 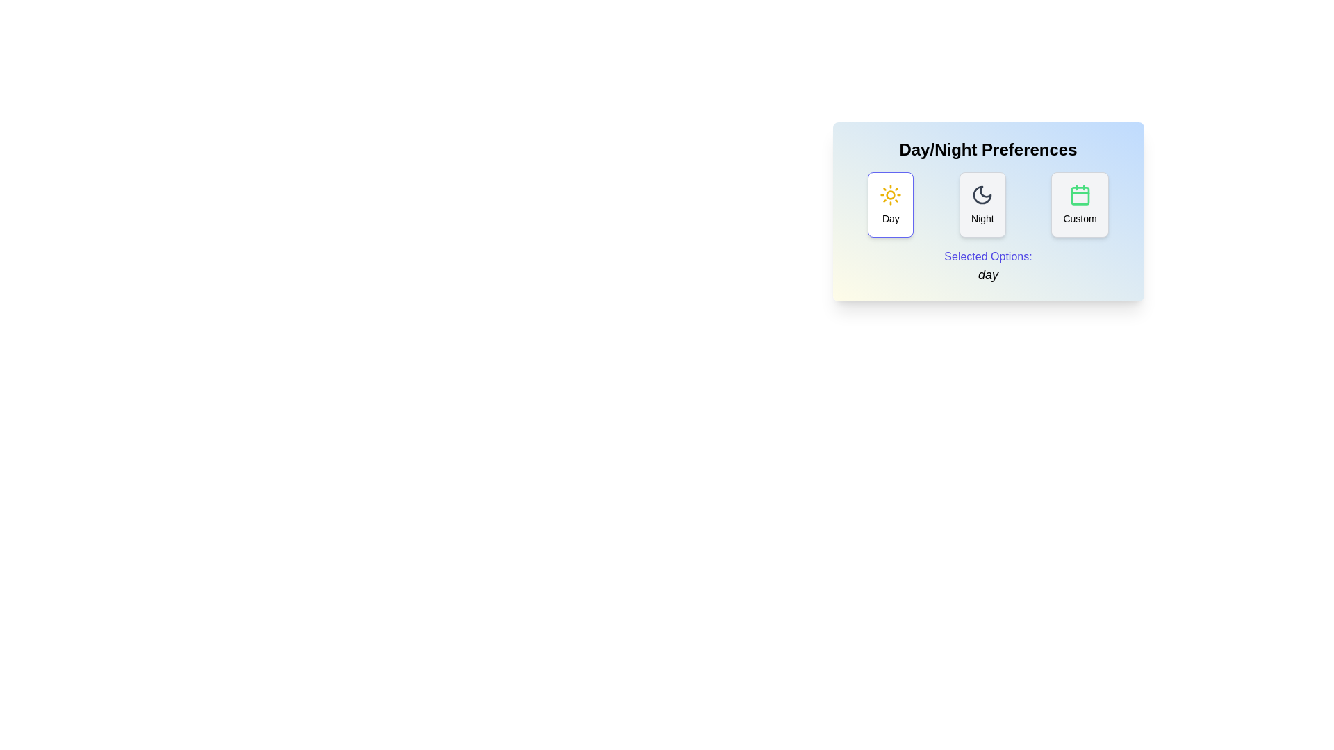 I want to click on the visual elements for the option Custom to inspect its icon and label, so click(x=1079, y=204).